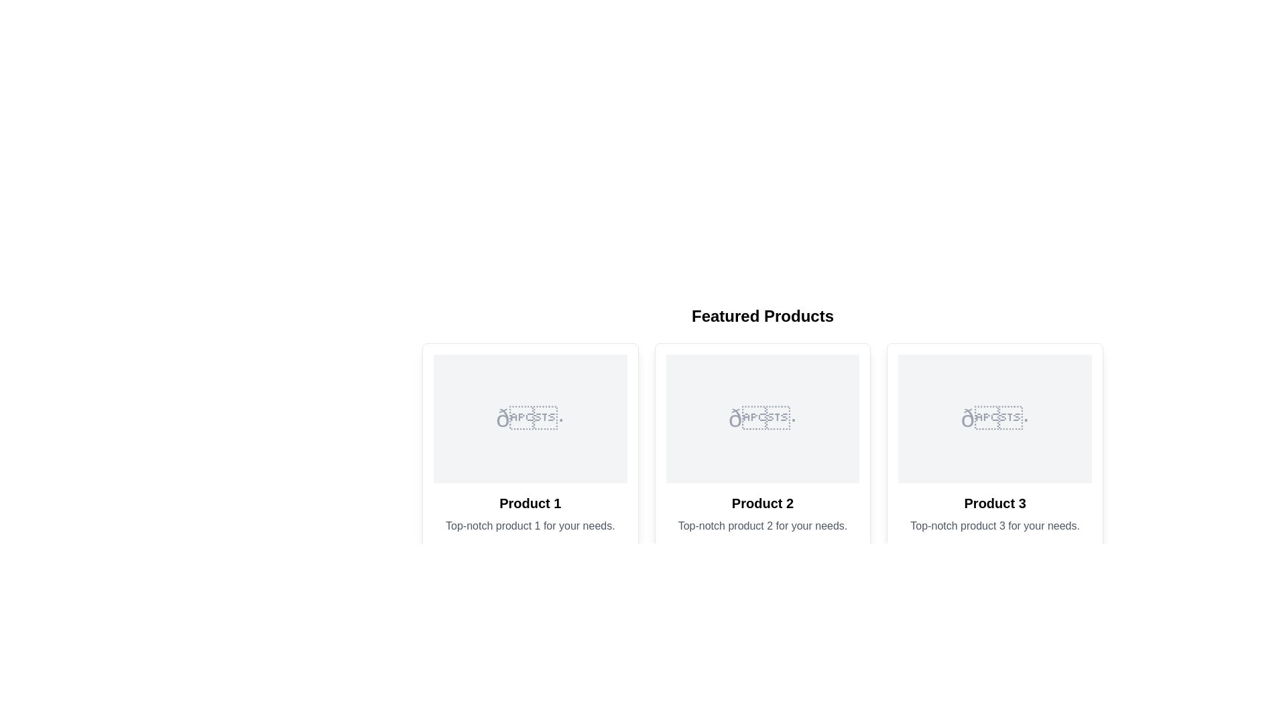  What do you see at coordinates (762, 503) in the screenshot?
I see `text content of the title label for the 'Product 2' card, which identifies and distinguishes this product in the card layout` at bounding box center [762, 503].